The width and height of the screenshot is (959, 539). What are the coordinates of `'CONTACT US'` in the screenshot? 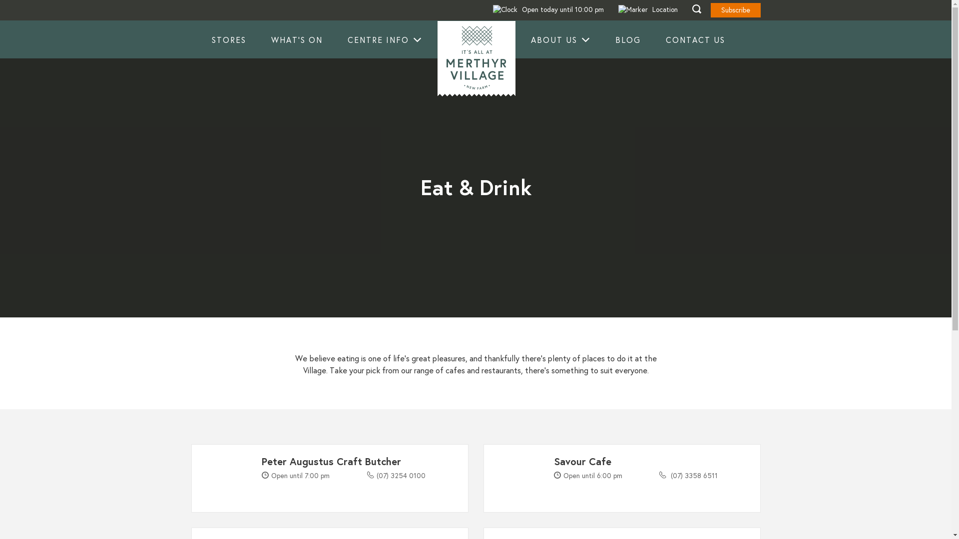 It's located at (694, 39).